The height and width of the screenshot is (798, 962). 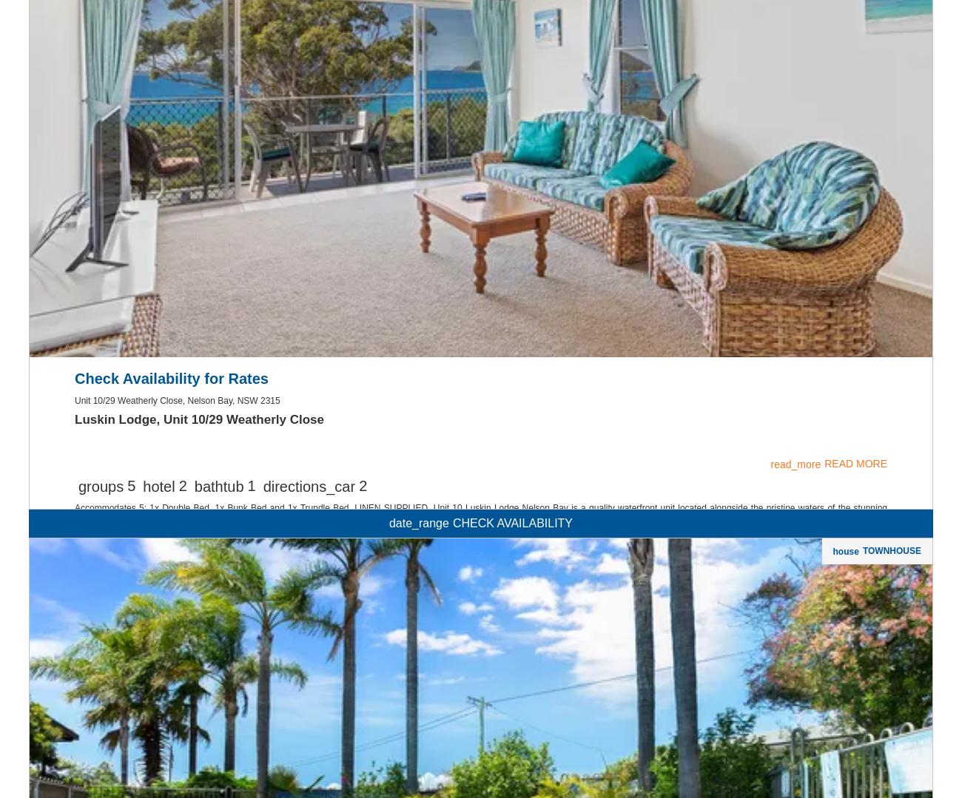 I want to click on 'groups', so click(x=100, y=676).